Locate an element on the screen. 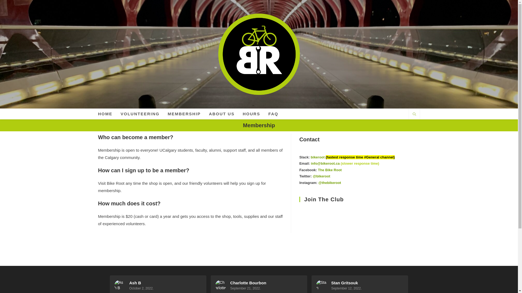 The image size is (522, 293). '@bikeroot' is located at coordinates (321, 176).